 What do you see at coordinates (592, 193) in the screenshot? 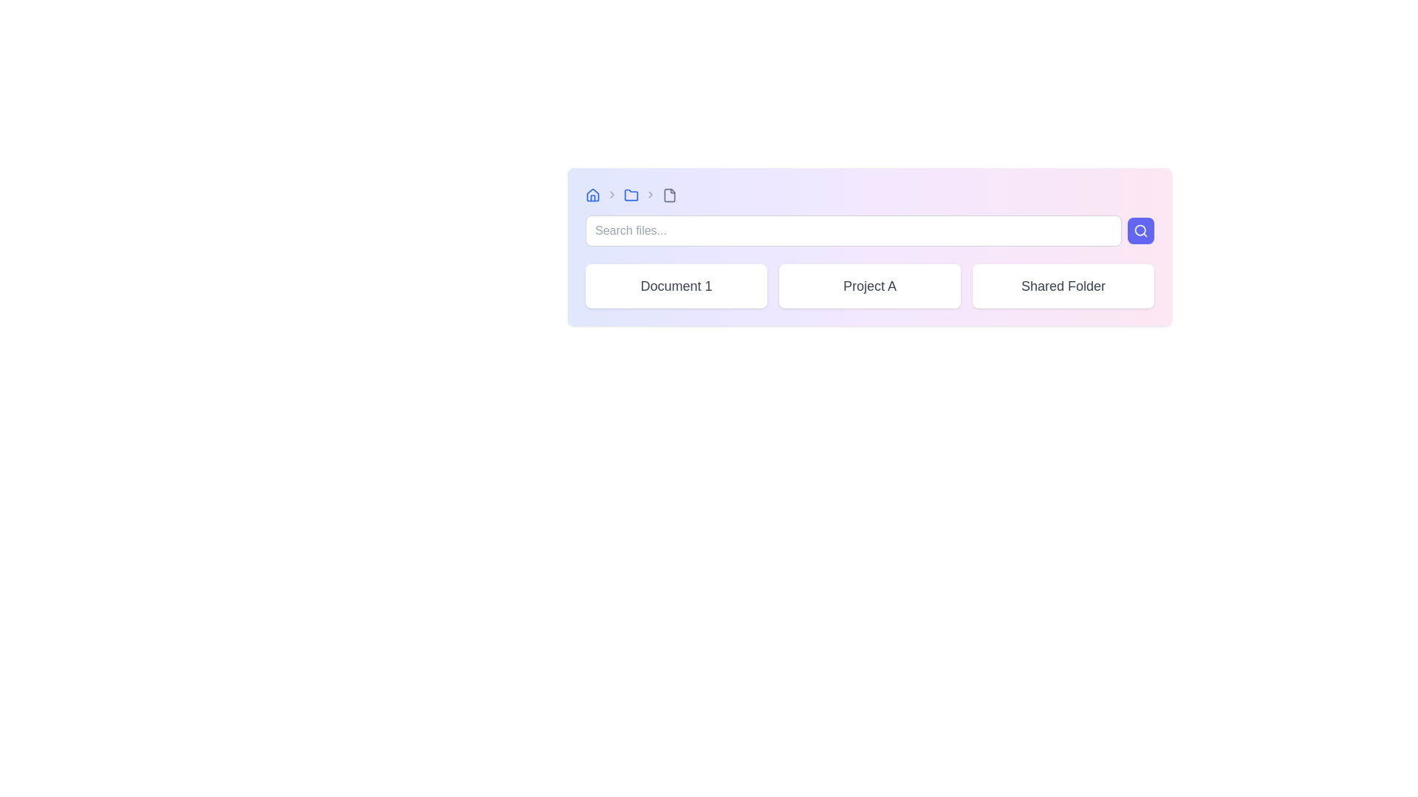
I see `the home button SVG icon located as the first icon on the left-hand side of the navigation bar` at bounding box center [592, 193].